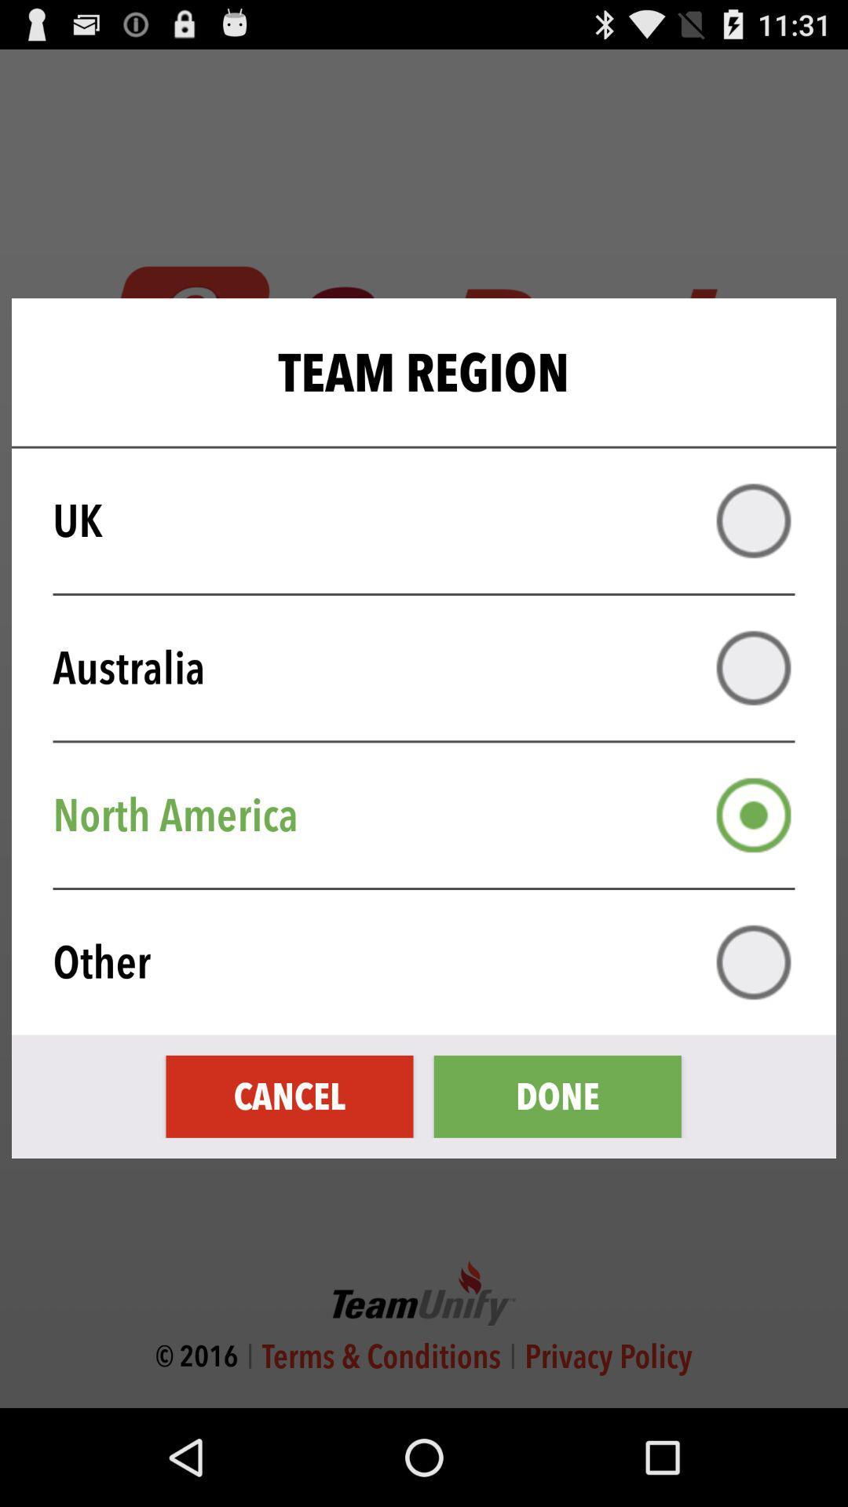 This screenshot has height=1507, width=848. I want to click on uk item, so click(434, 520).